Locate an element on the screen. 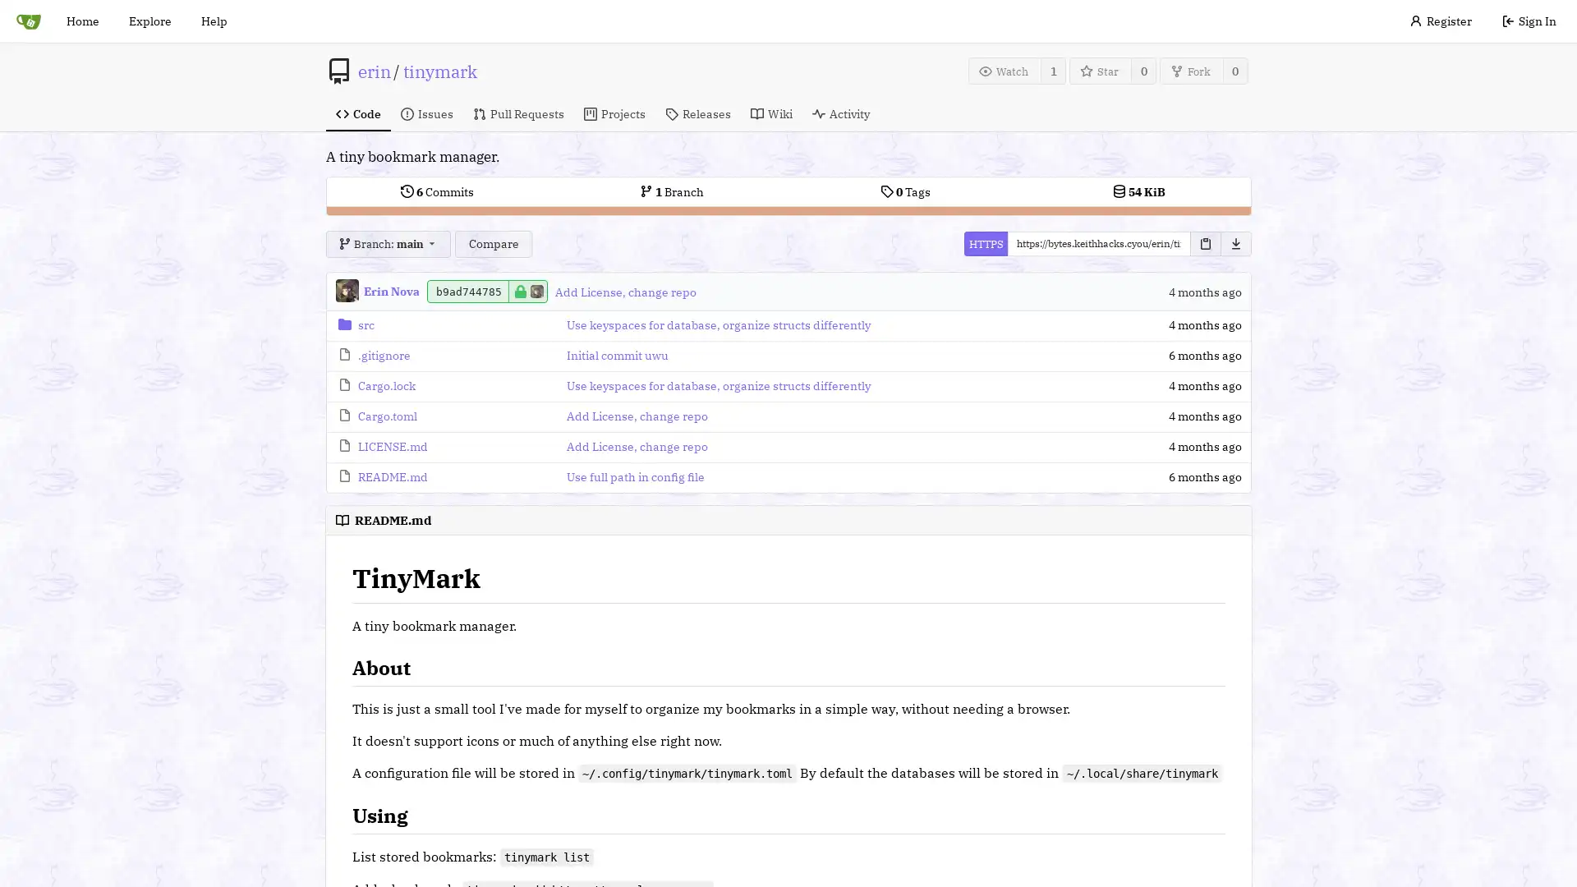 Image resolution: width=1577 pixels, height=887 pixels. HTTPS is located at coordinates (985, 244).